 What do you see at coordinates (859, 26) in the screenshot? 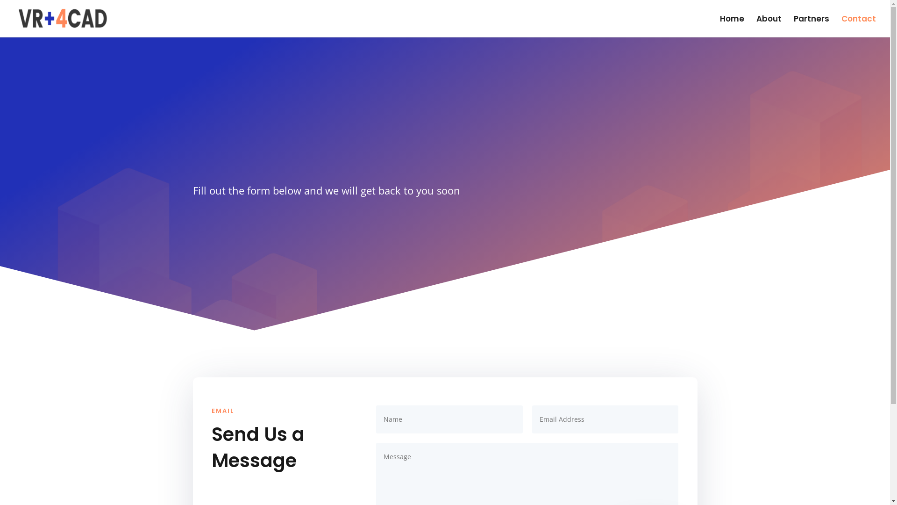
I see `'Contact'` at bounding box center [859, 26].